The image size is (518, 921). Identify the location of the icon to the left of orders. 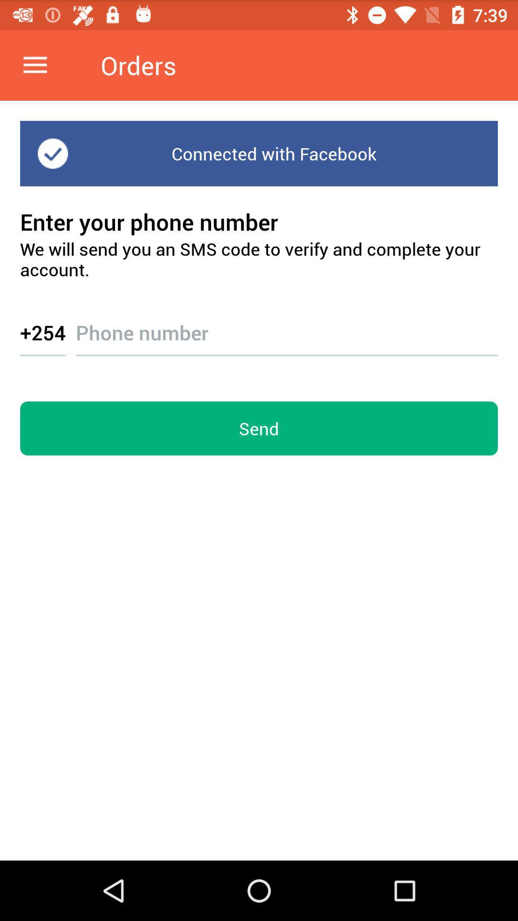
(35, 65).